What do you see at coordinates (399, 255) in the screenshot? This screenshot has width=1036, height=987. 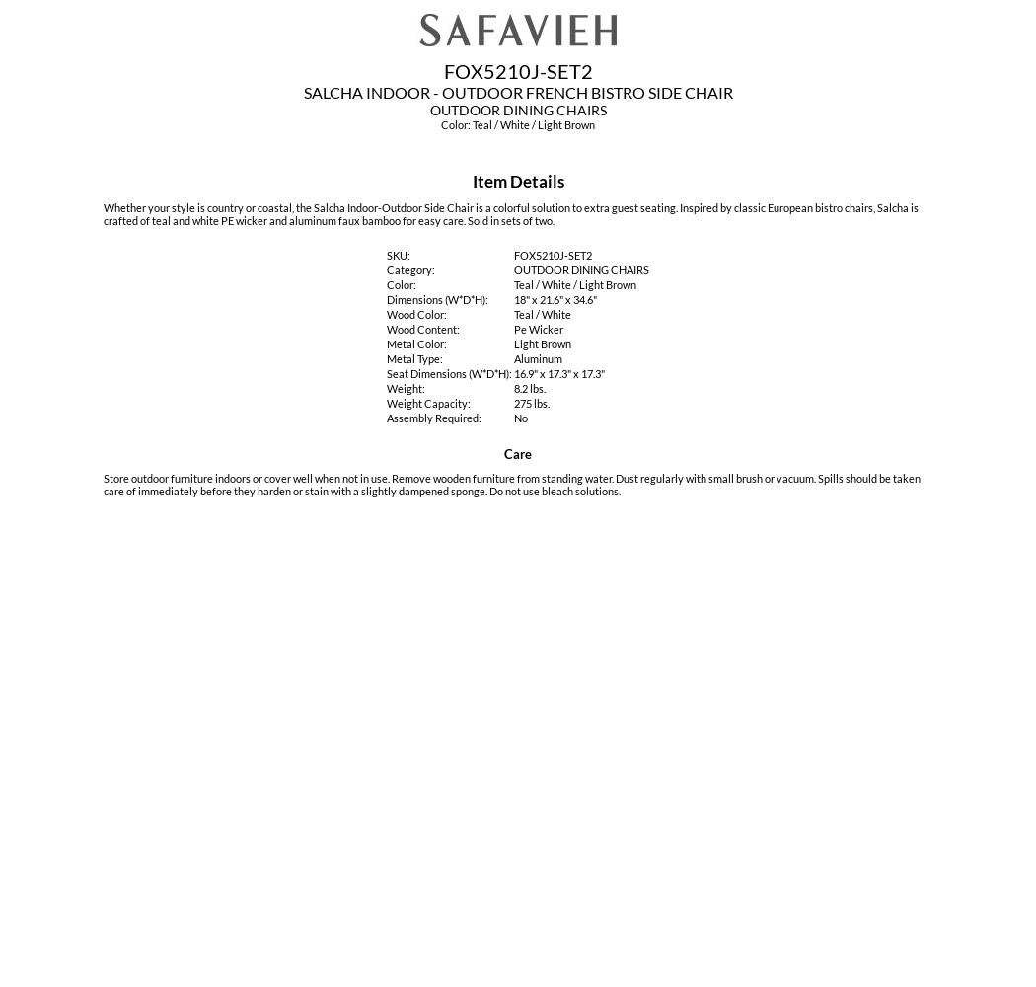 I see `'SKU:'` at bounding box center [399, 255].